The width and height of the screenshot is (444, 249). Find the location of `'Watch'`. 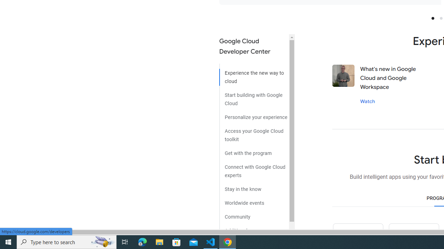

'Watch' is located at coordinates (367, 101).